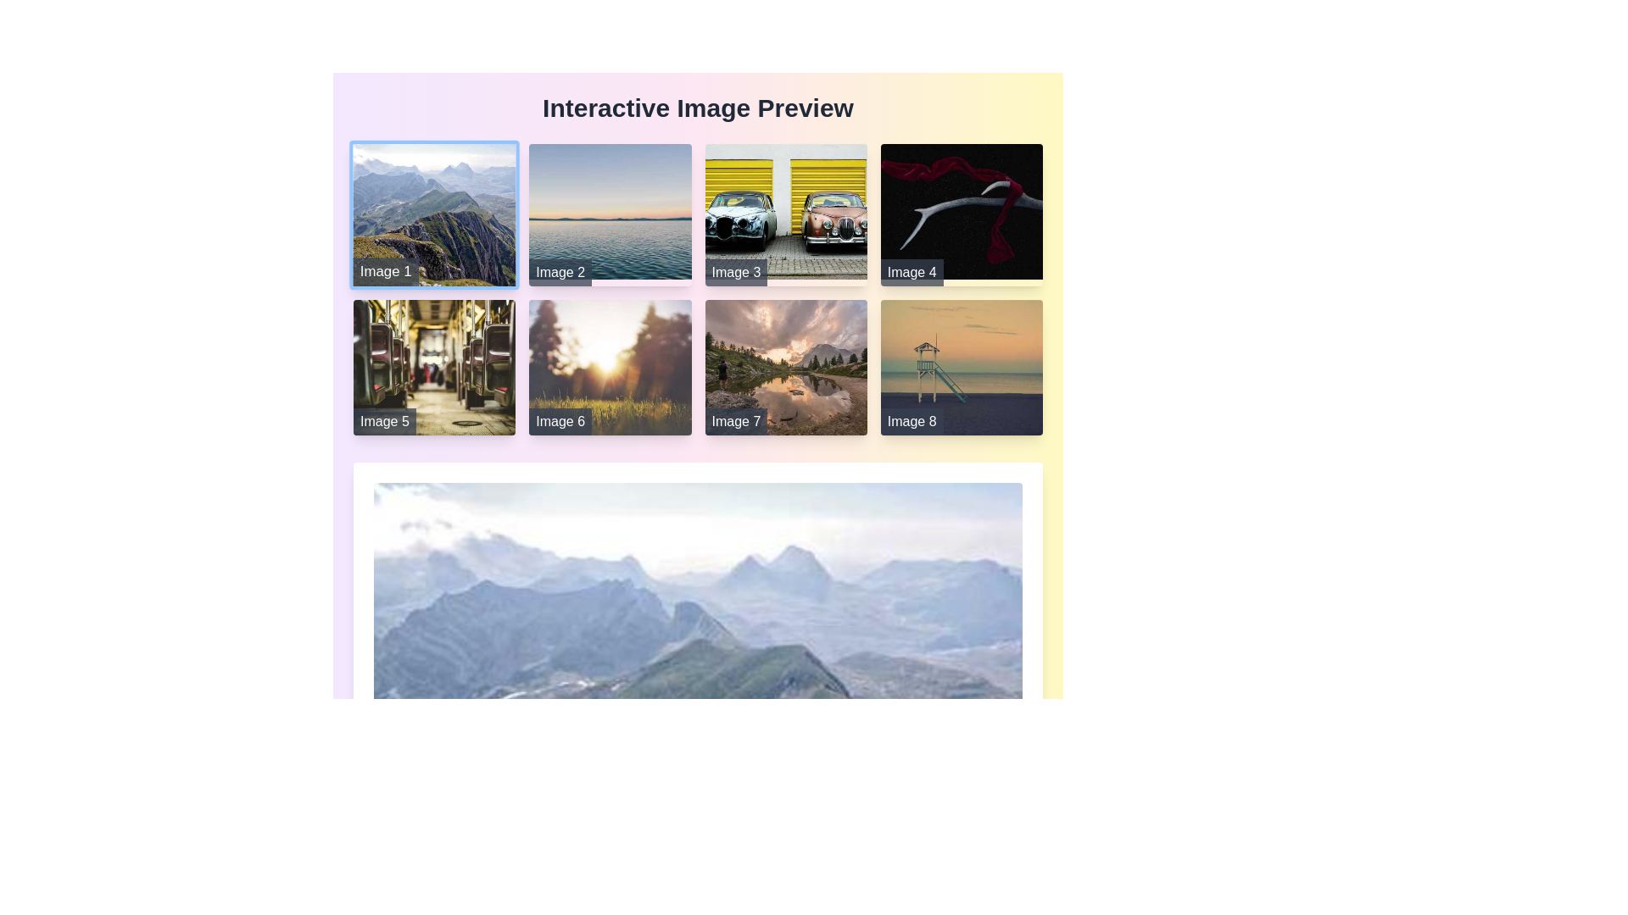 The height and width of the screenshot is (915, 1628). Describe the element at coordinates (911, 420) in the screenshot. I see `the text label overlay at the bottom-left corner of the image card labeled 'Image 8', which has a dark gray background and white text` at that location.